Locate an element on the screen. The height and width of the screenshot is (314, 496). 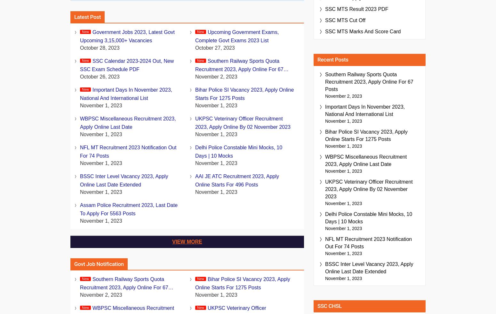
'View More' is located at coordinates (187, 242).